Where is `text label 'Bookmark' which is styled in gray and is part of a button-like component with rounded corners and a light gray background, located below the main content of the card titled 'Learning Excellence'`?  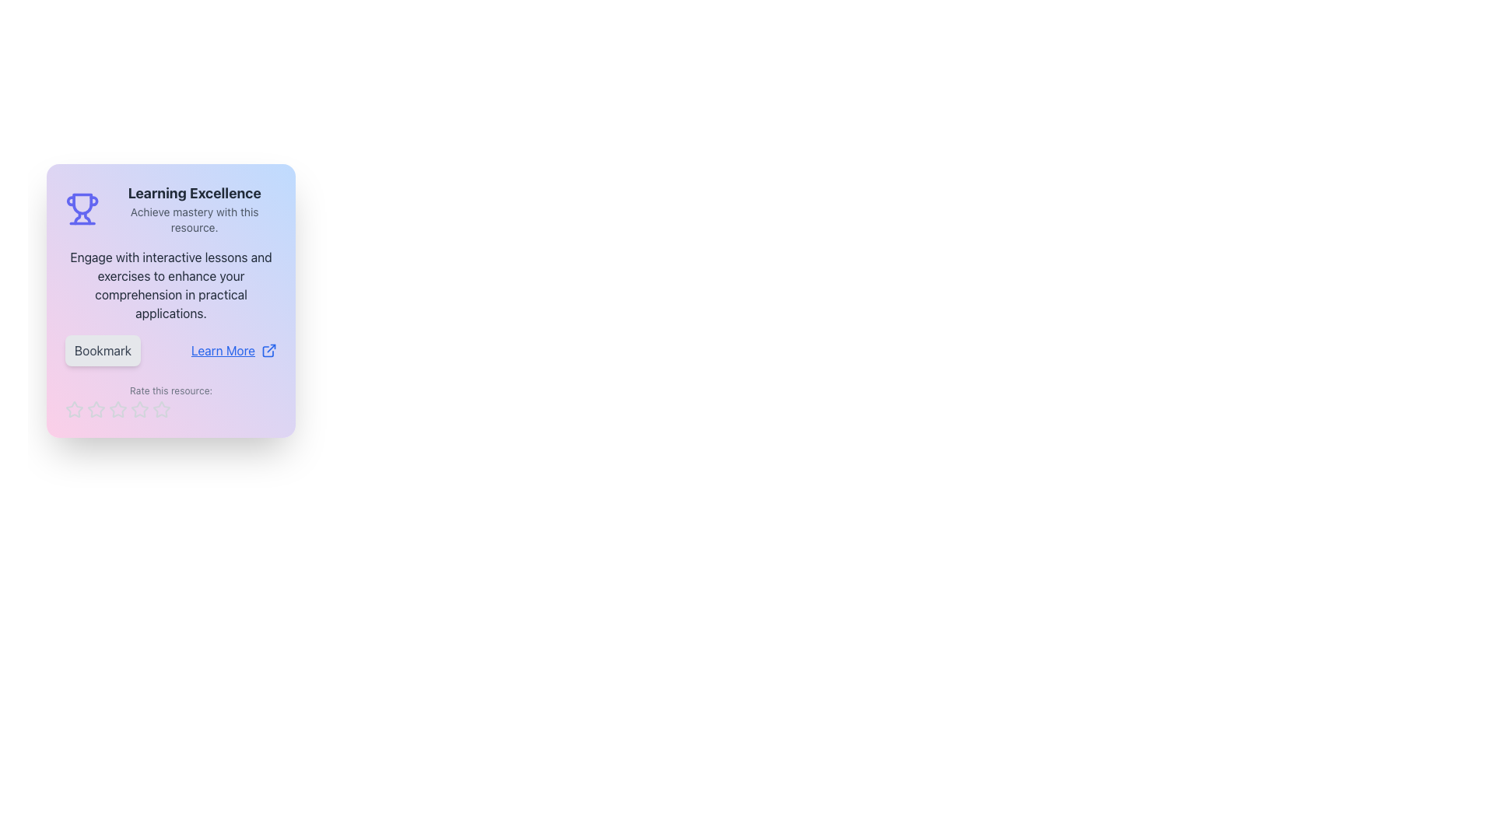 text label 'Bookmark' which is styled in gray and is part of a button-like component with rounded corners and a light gray background, located below the main content of the card titled 'Learning Excellence' is located at coordinates (102, 351).